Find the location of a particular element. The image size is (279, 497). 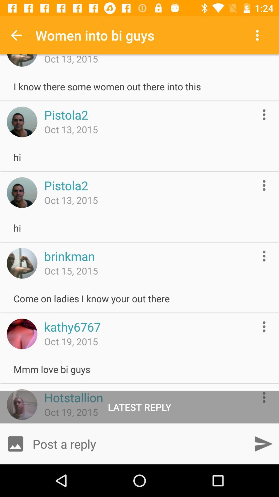

user is located at coordinates (22, 121).